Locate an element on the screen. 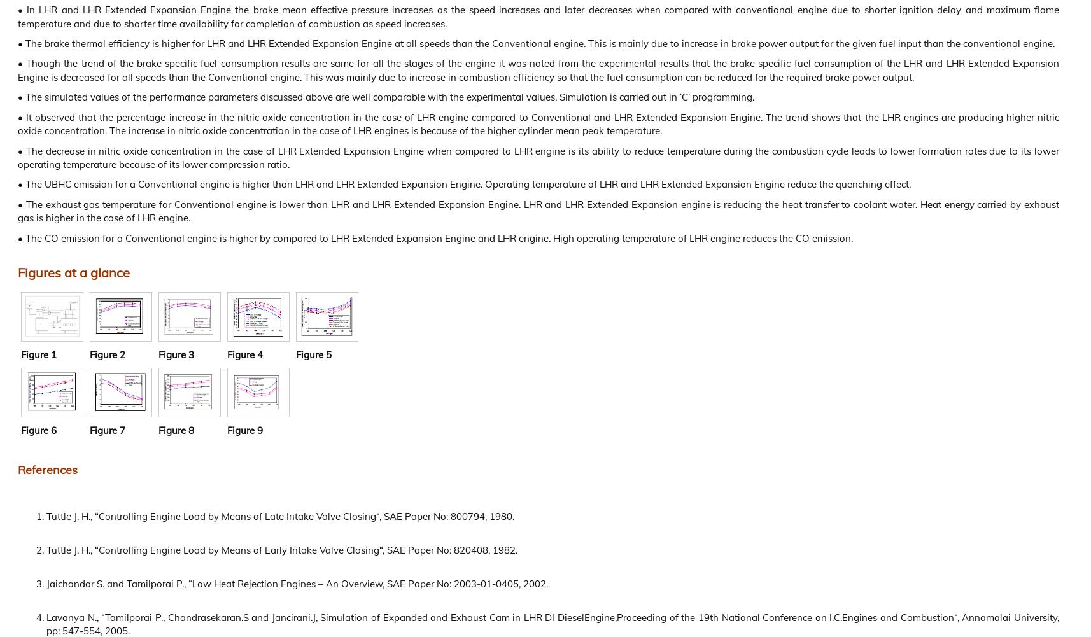 Image resolution: width=1091 pixels, height=637 pixels. 'Figure 3' is located at coordinates (176, 353).